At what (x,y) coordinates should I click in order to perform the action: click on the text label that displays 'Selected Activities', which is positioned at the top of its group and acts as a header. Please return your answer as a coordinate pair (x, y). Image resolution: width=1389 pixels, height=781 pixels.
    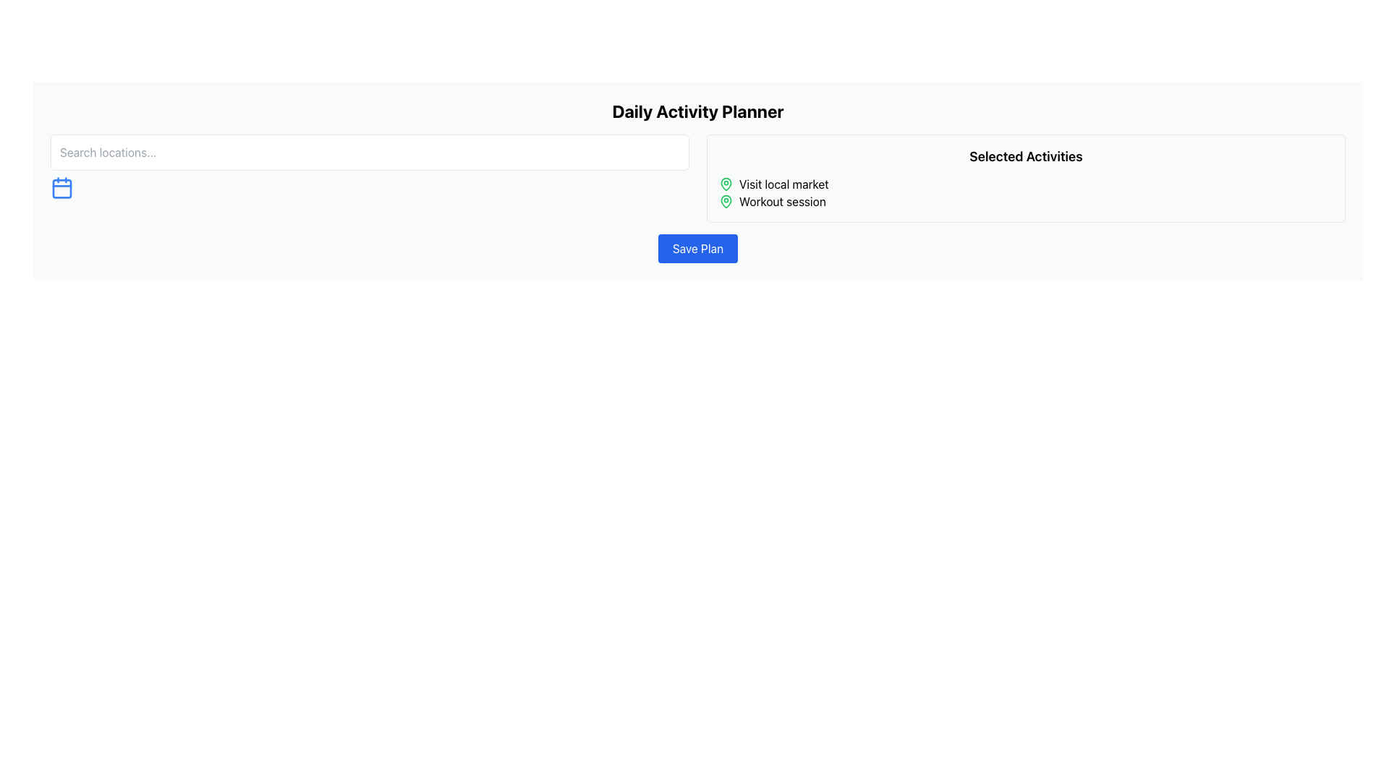
    Looking at the image, I should click on (1025, 156).